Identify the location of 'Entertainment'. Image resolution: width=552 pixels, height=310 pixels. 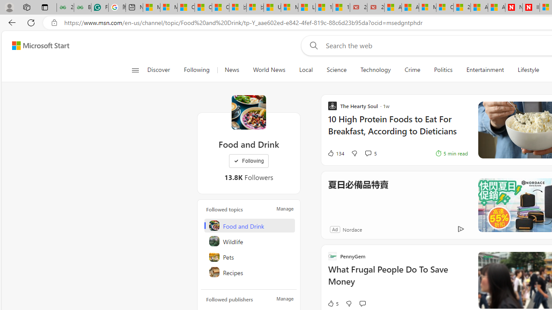
(485, 70).